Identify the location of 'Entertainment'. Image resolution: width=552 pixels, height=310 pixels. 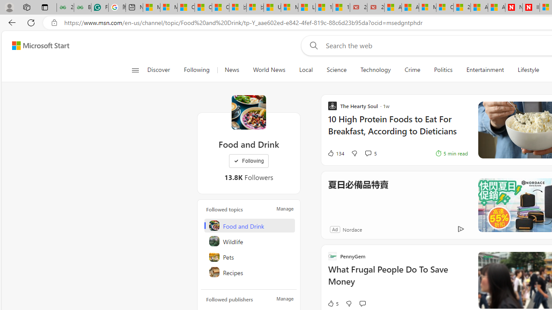
(485, 70).